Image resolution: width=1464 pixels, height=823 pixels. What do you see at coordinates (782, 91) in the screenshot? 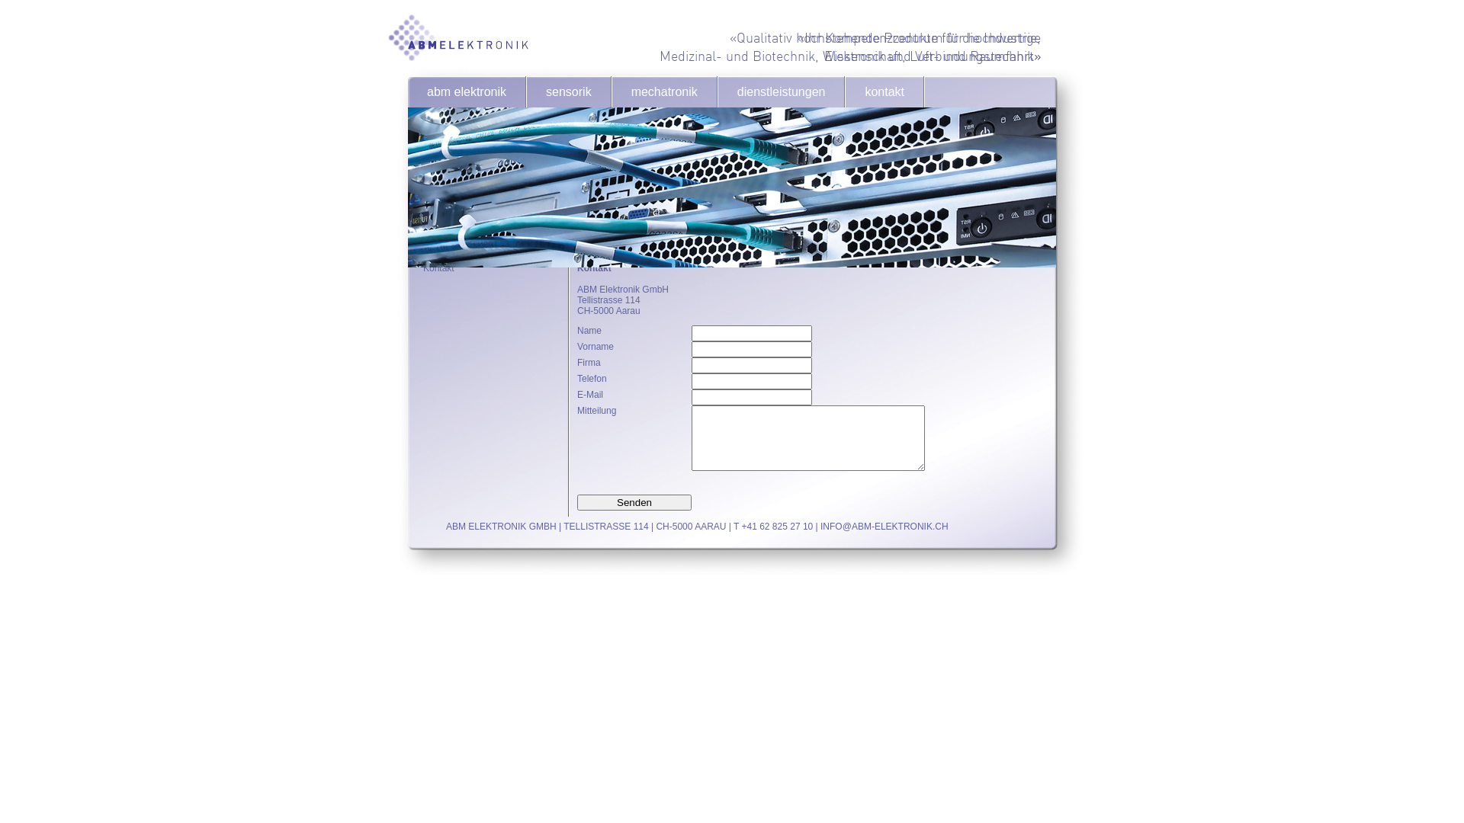
I see `'dienstleistungen'` at bounding box center [782, 91].